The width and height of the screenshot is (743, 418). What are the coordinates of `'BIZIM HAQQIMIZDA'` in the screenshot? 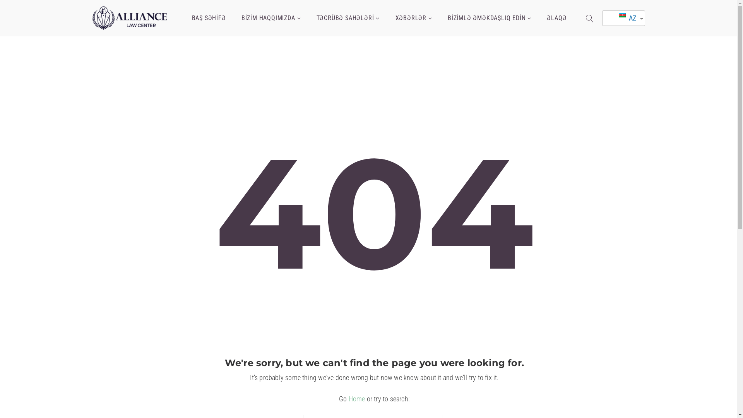 It's located at (271, 18).